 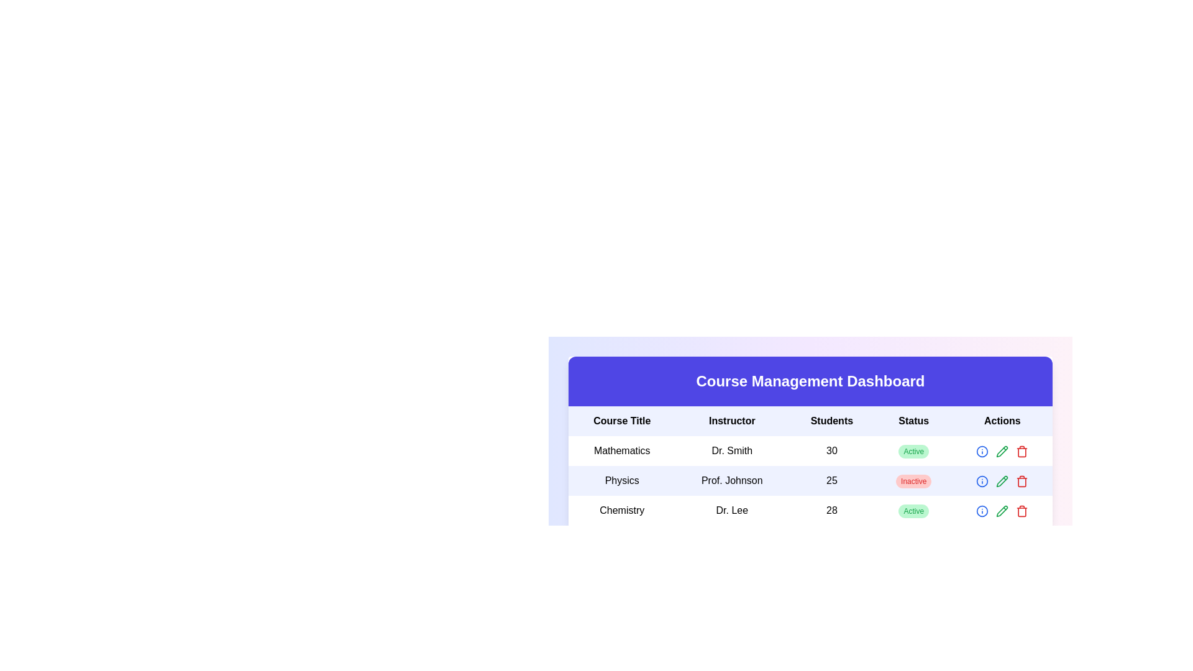 I want to click on instructor's name 'Dr. Smith' displayed in the Text label which is the second cell in the row for 'Mathematics' under the 'Instructor' column, so click(x=732, y=450).